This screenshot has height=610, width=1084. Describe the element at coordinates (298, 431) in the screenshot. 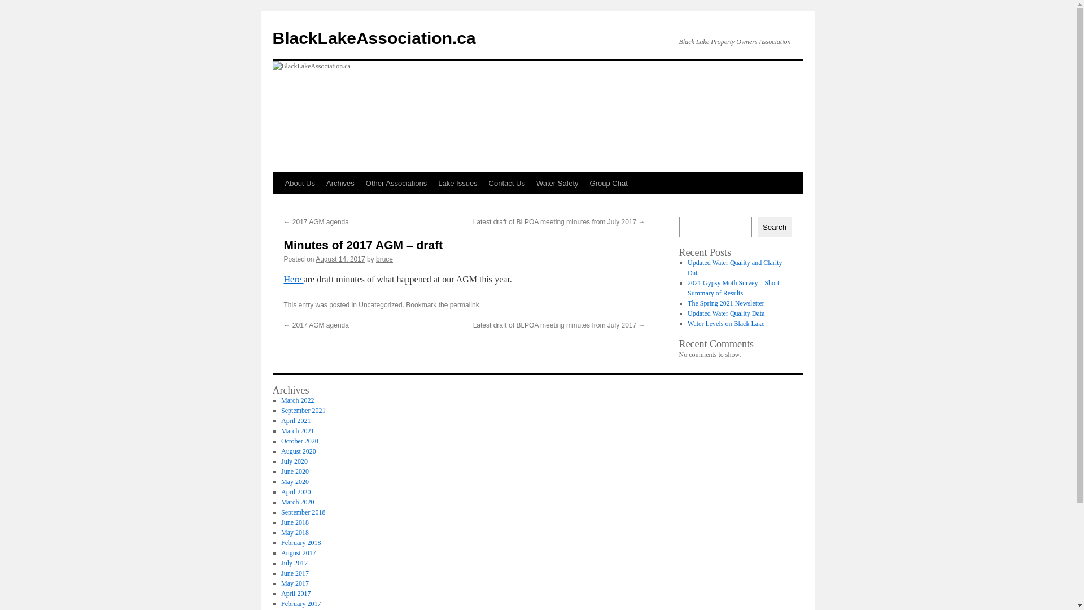

I see `'March 2021'` at that location.